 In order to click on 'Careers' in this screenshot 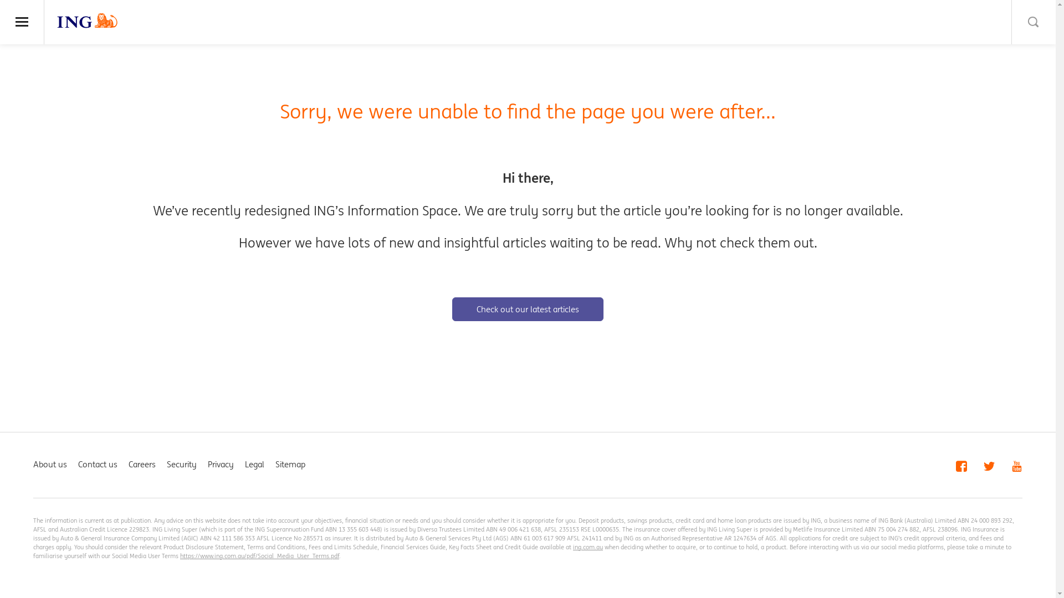, I will do `click(141, 464)`.